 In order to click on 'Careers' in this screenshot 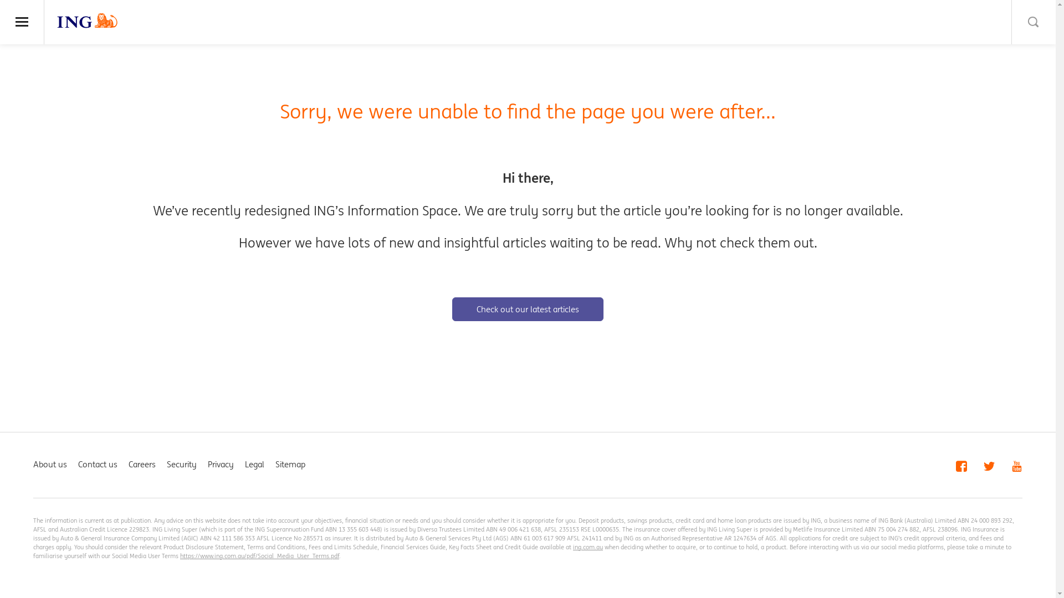, I will do `click(141, 464)`.